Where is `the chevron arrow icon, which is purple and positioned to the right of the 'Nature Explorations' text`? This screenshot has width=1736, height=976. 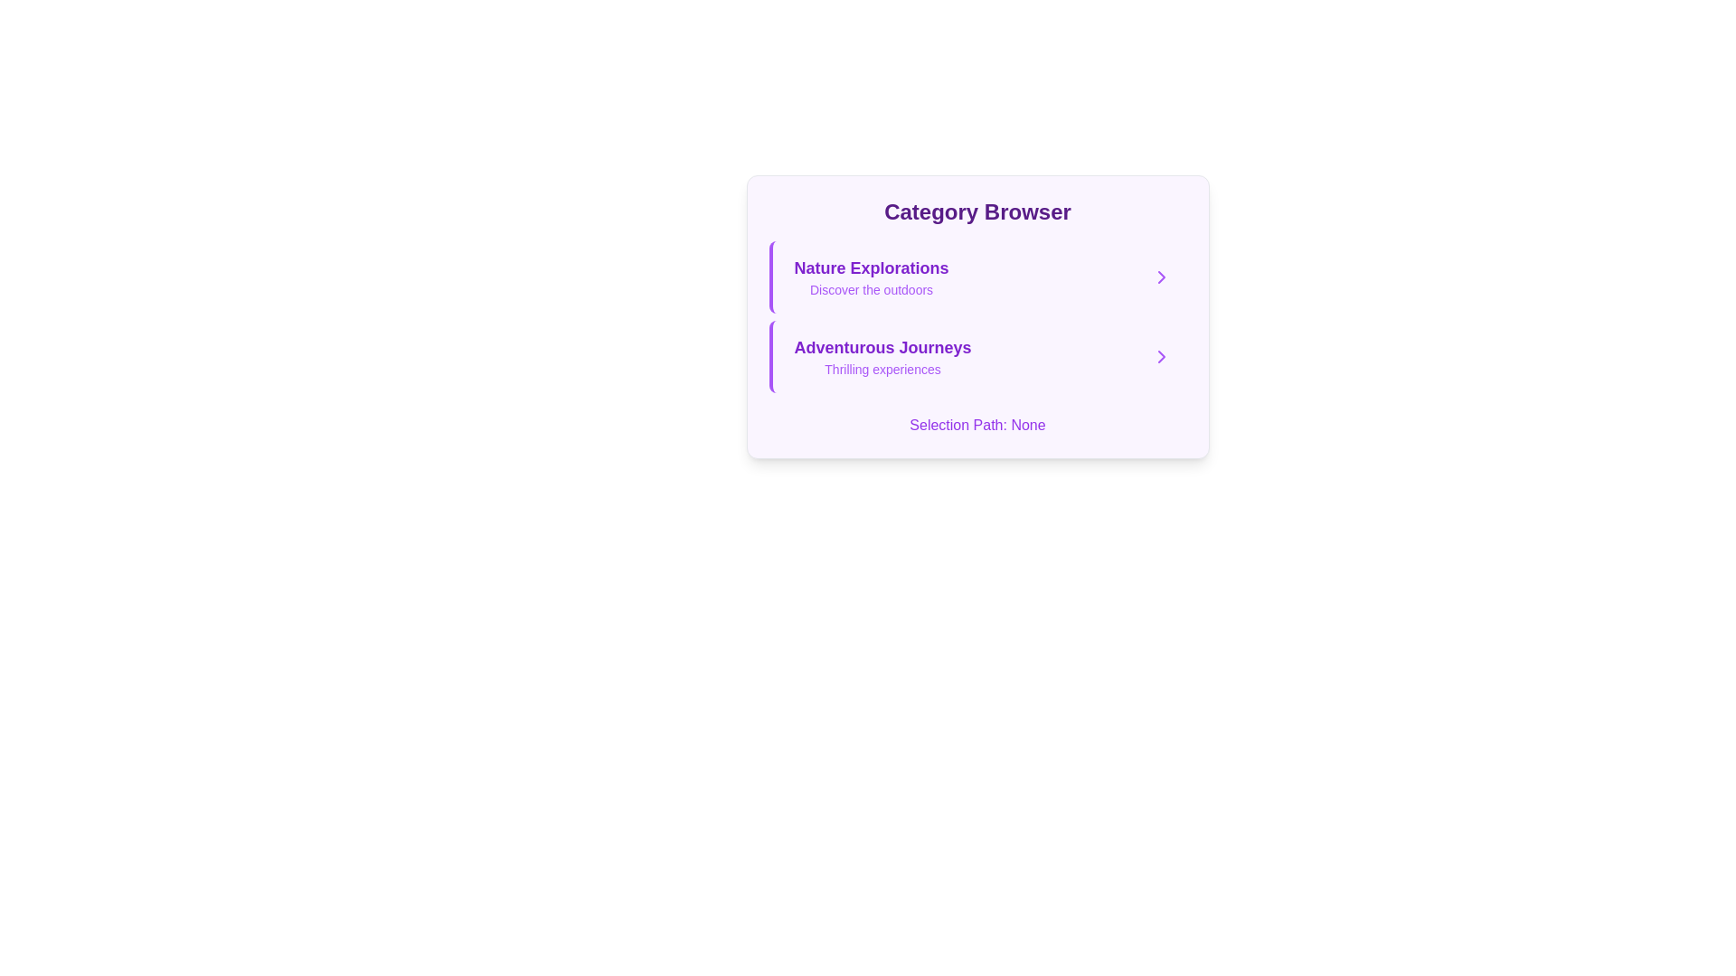
the chevron arrow icon, which is purple and positioned to the right of the 'Nature Explorations' text is located at coordinates (1161, 277).